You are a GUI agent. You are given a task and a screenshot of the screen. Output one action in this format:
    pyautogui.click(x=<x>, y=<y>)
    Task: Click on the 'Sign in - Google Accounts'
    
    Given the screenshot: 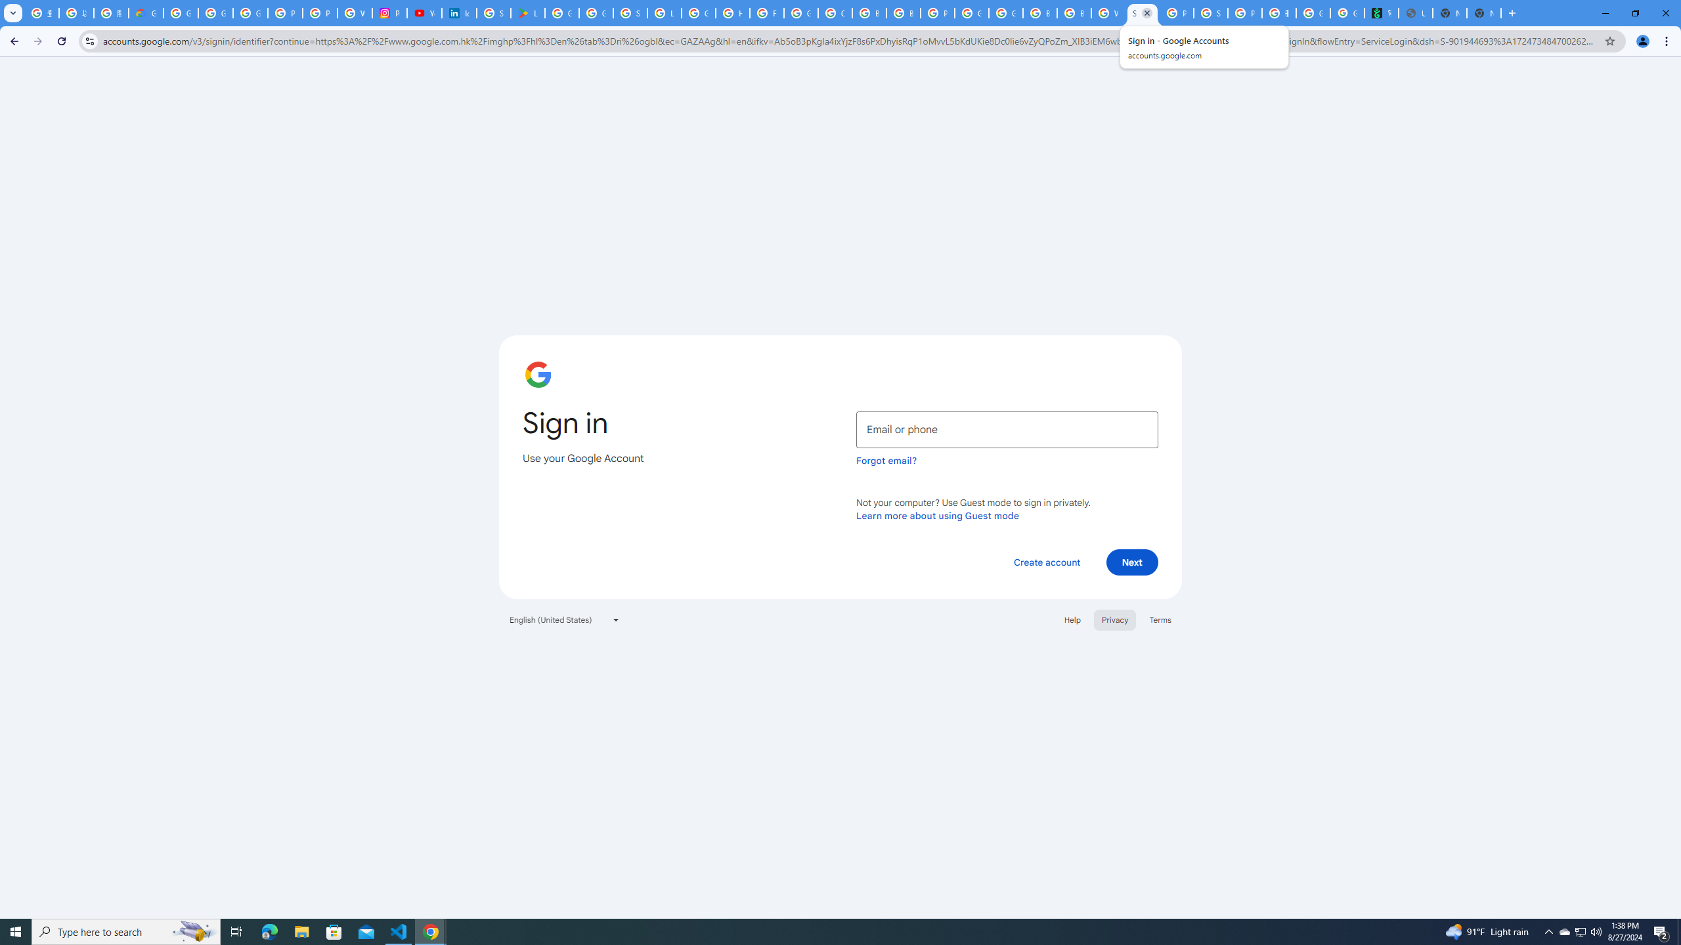 What is the action you would take?
    pyautogui.click(x=1141, y=12)
    